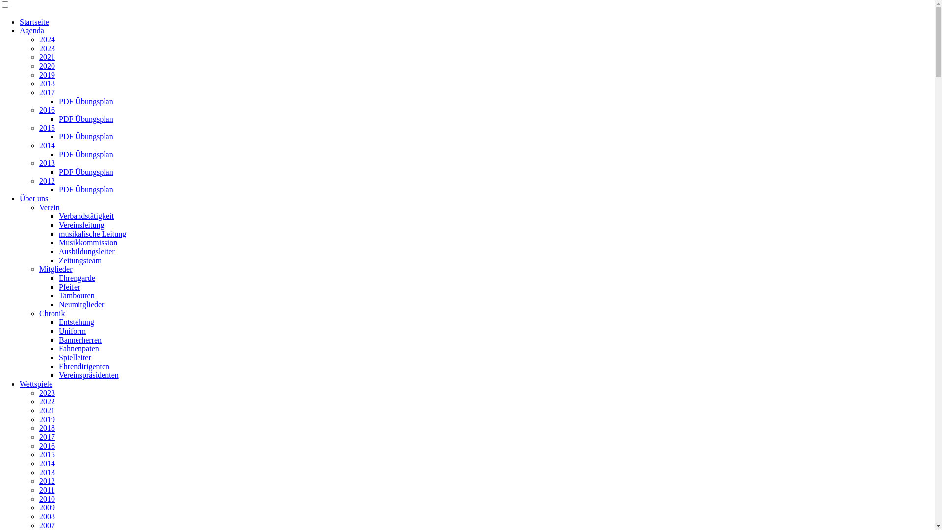 The image size is (942, 530). Describe the element at coordinates (46, 490) in the screenshot. I see `'2011'` at that location.